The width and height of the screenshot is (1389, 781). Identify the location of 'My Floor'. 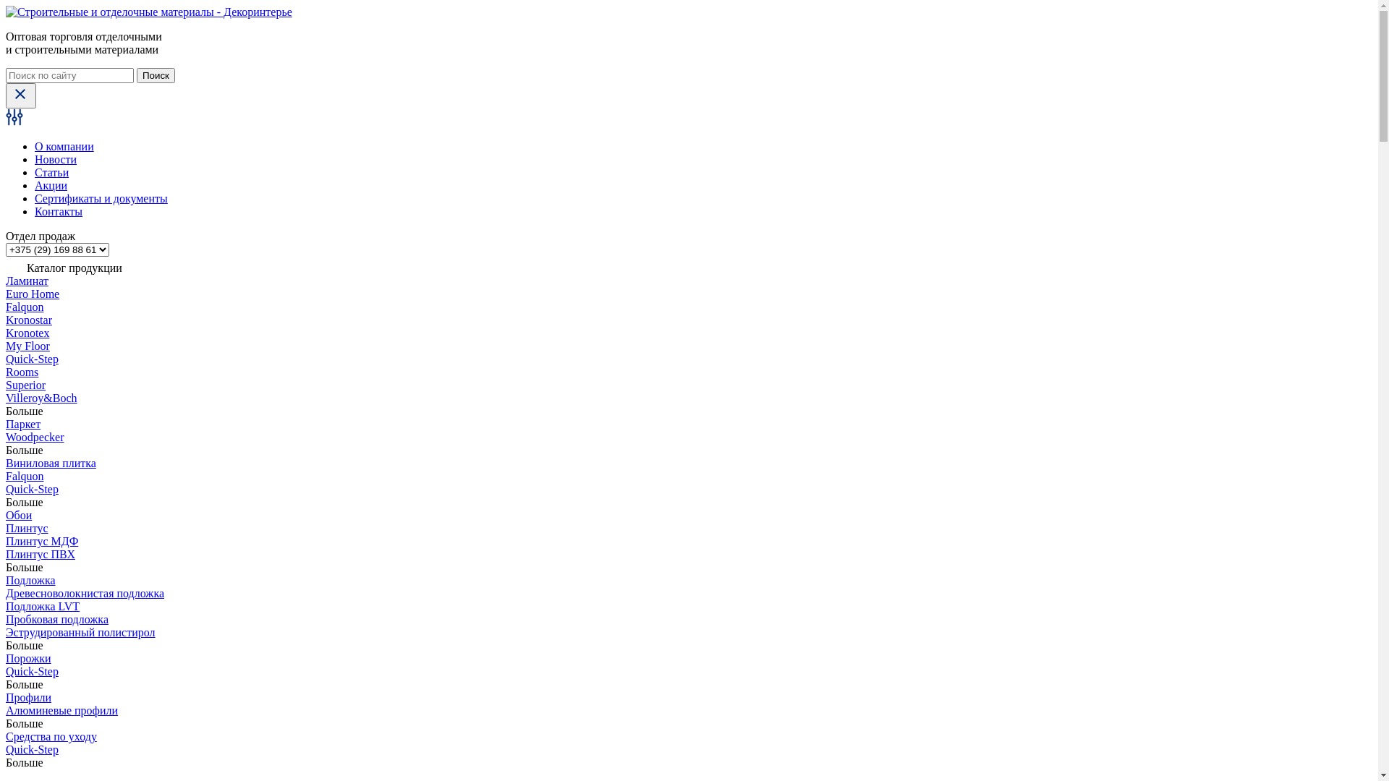
(27, 346).